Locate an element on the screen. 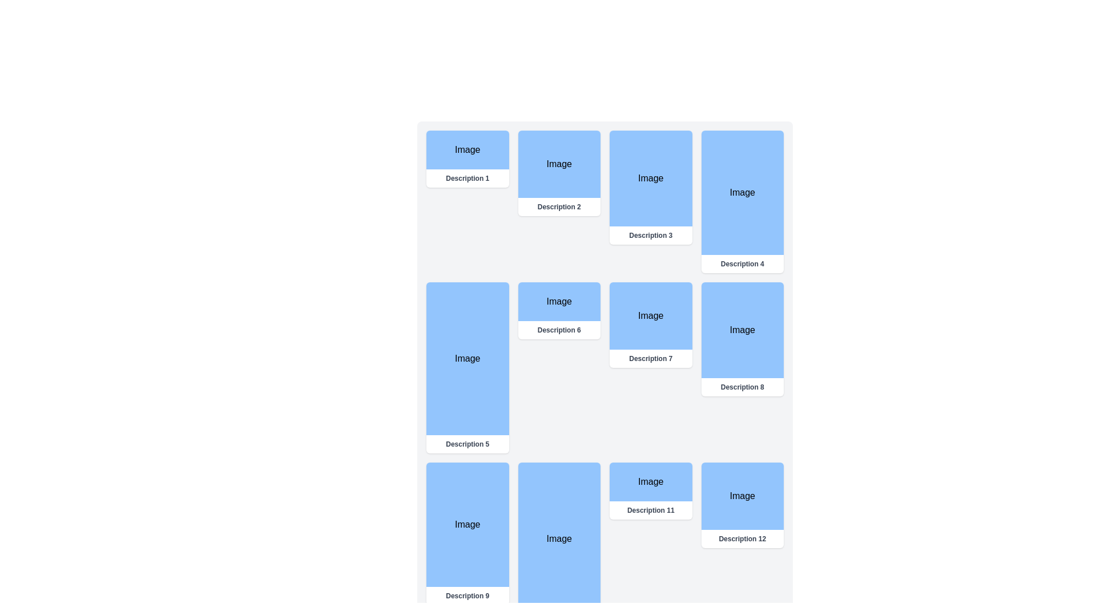 The height and width of the screenshot is (616, 1096). the static visual component located centrally within the card structure, associated with 'Description 3', positioned in the third column of the topmost row is located at coordinates (651, 178).